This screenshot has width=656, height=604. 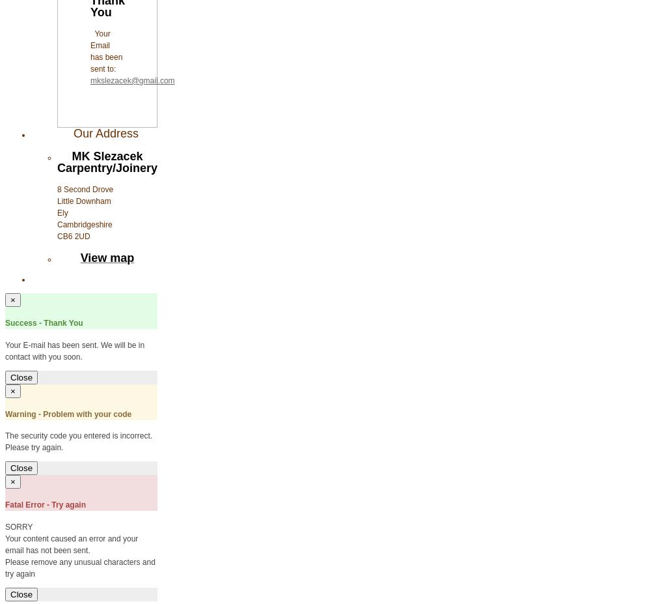 I want to click on 'Warning - Problem with your code', so click(x=68, y=412).